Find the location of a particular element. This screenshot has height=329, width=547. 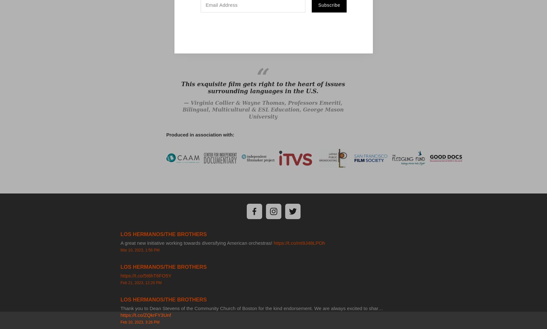

'https://t.co/5t6hT6FO5Y' is located at coordinates (145, 275).